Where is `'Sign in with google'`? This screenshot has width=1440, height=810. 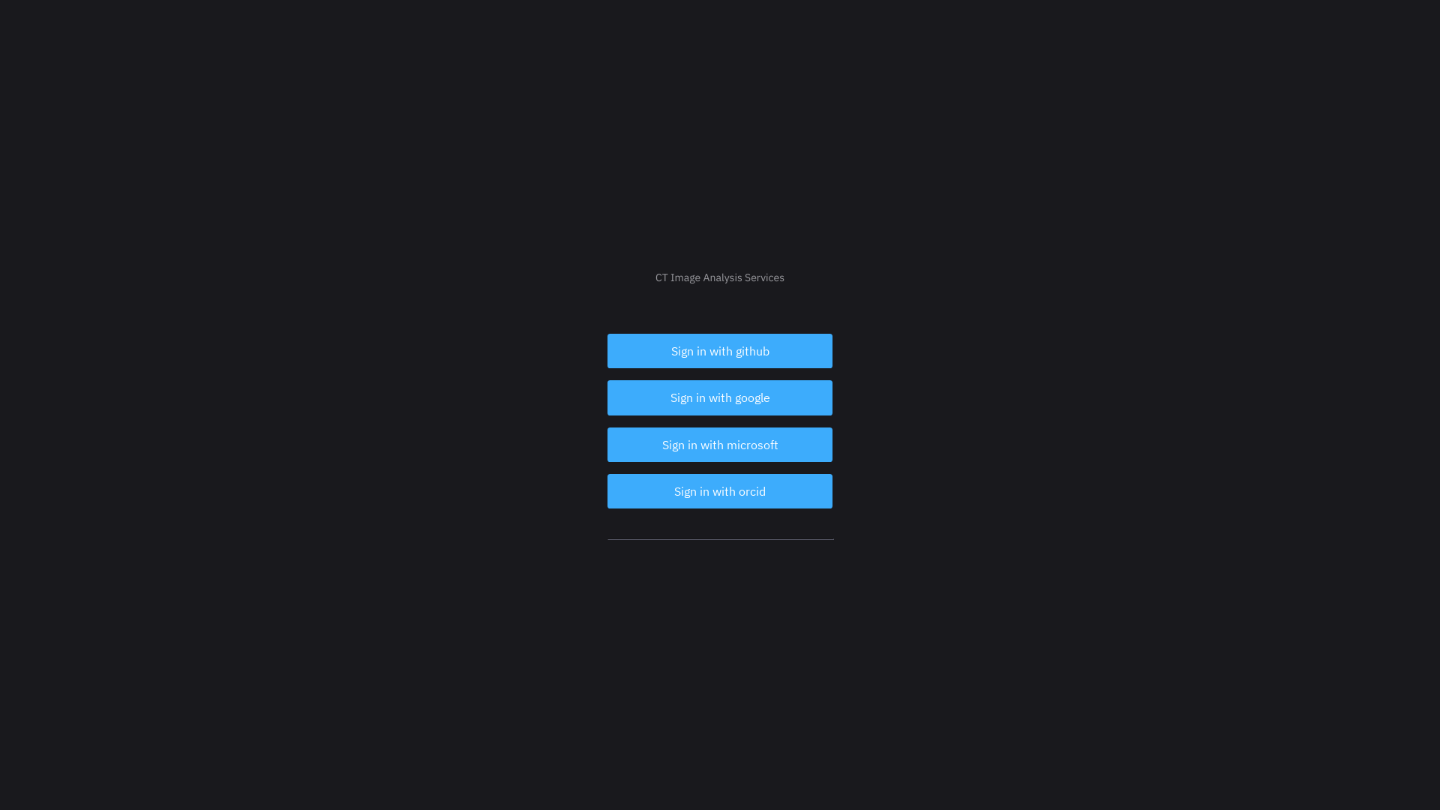 'Sign in with google' is located at coordinates (720, 396).